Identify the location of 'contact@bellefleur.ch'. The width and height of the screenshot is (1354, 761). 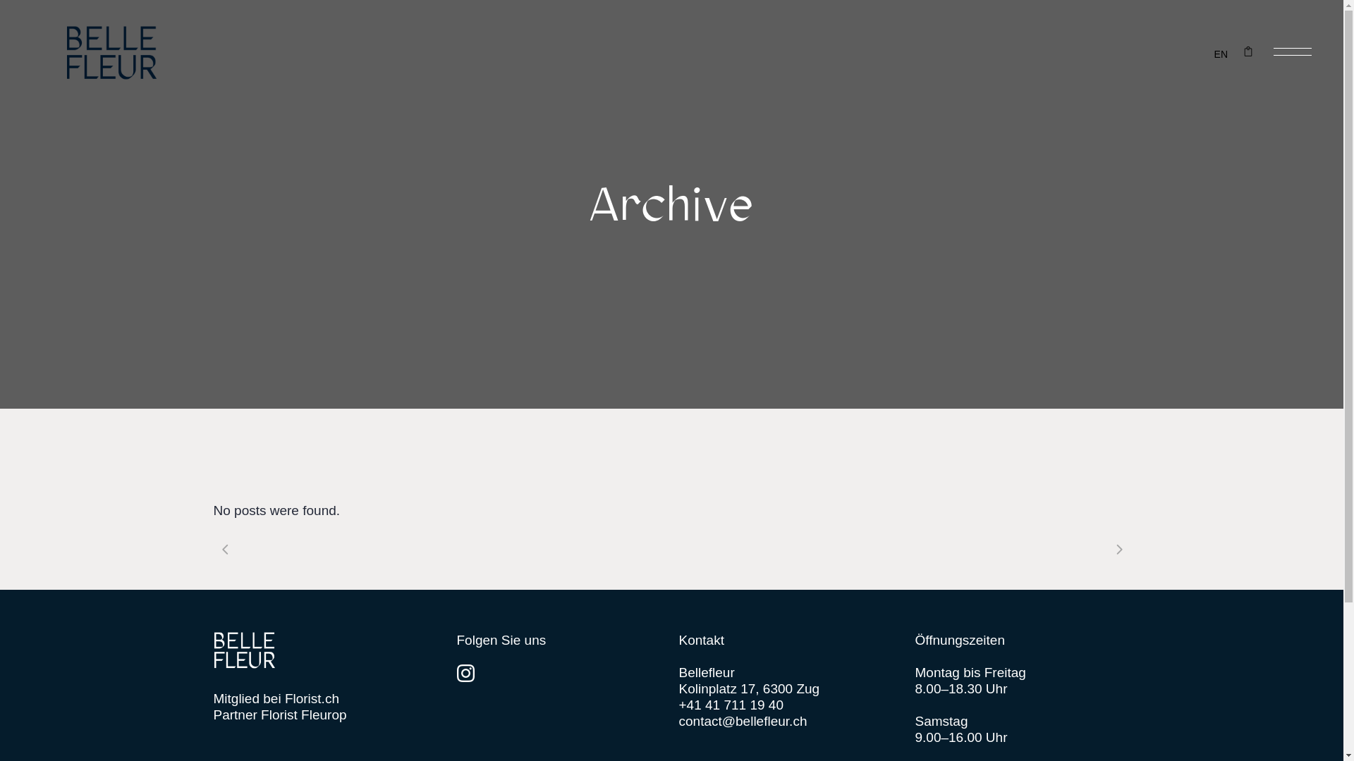
(741, 721).